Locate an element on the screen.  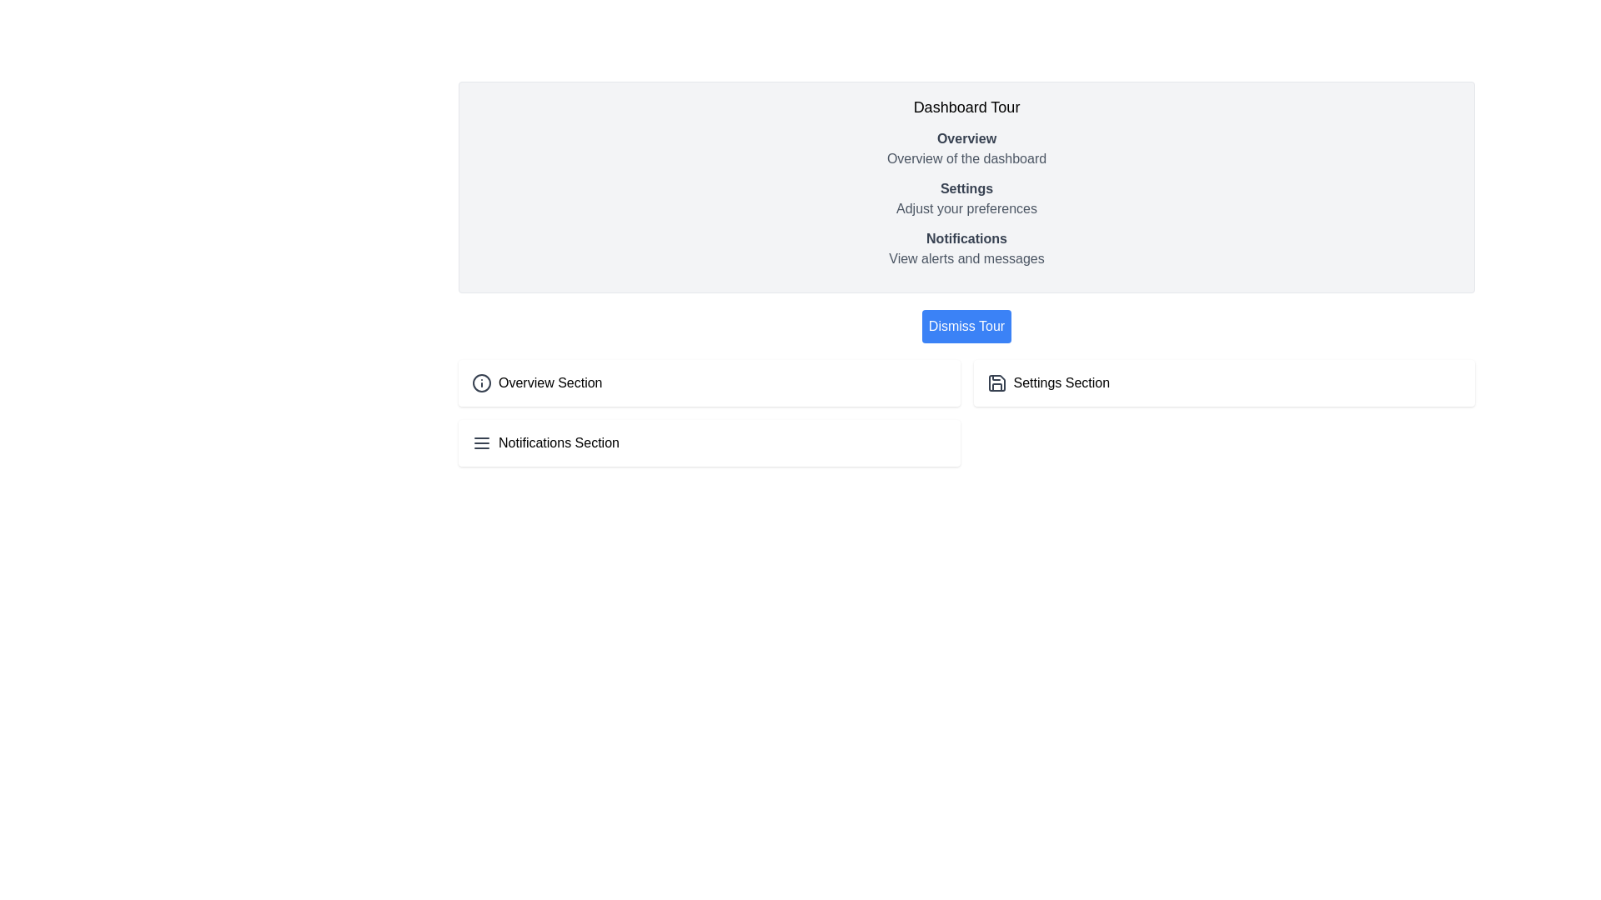
the text label that reads 'Adjust your preferences', which is styled in gray and located beneath the 'Settings' title is located at coordinates (966, 207).